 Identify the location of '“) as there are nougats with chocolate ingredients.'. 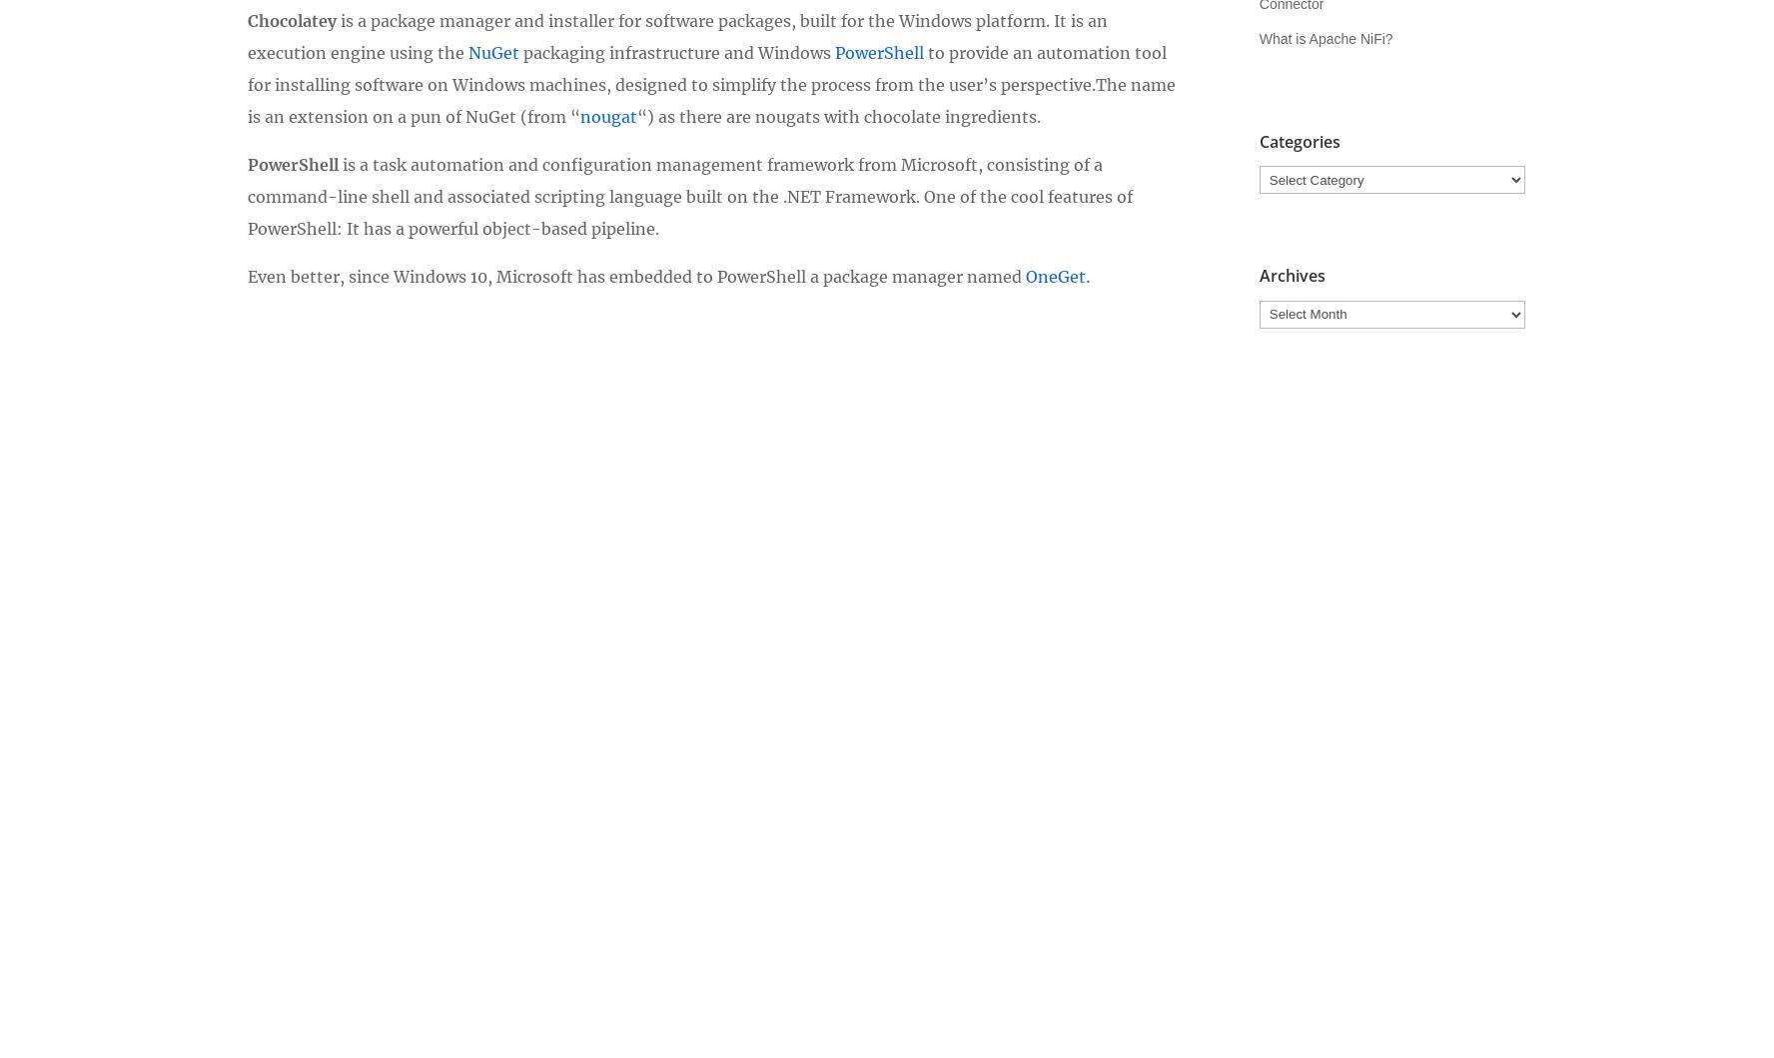
(839, 114).